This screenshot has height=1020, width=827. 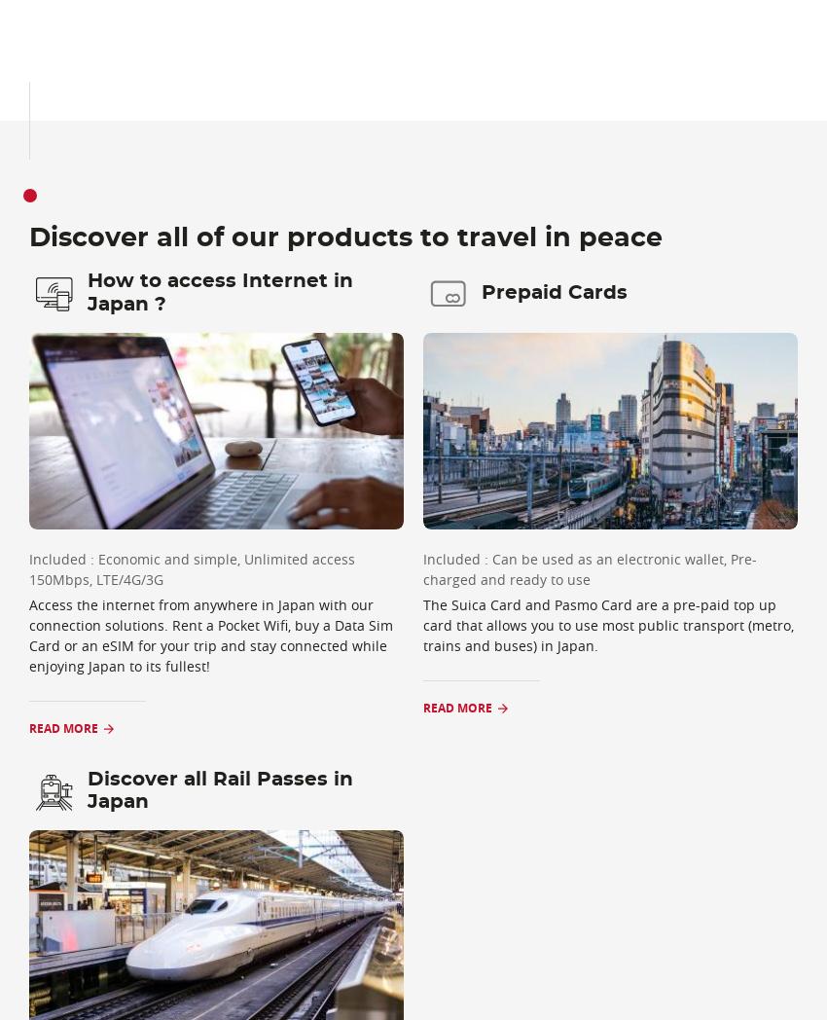 I want to click on 'Access the internet from anywhere in Japan with our connection solutions. Rent a Pocket Wifi, buy a Data Sim Card or an eSIM for your trip and stay connected while enjoying Japan to its fullest!', so click(x=211, y=635).